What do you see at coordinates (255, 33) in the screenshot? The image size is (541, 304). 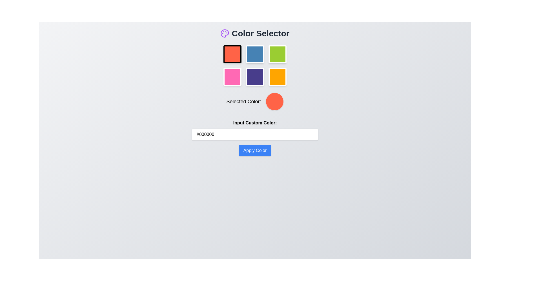 I see `the Label or Header Text that indicates the color selection section of the interface` at bounding box center [255, 33].